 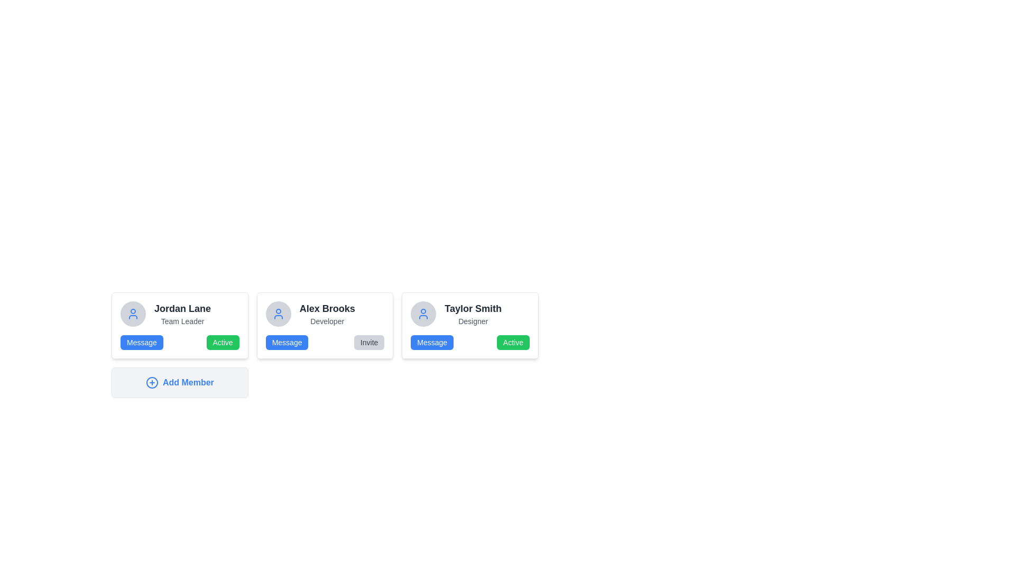 What do you see at coordinates (369, 343) in the screenshot?
I see `the rounded rectangular button labeled 'Invite' located at the bottom-right corner of Alex Brooks' card` at bounding box center [369, 343].